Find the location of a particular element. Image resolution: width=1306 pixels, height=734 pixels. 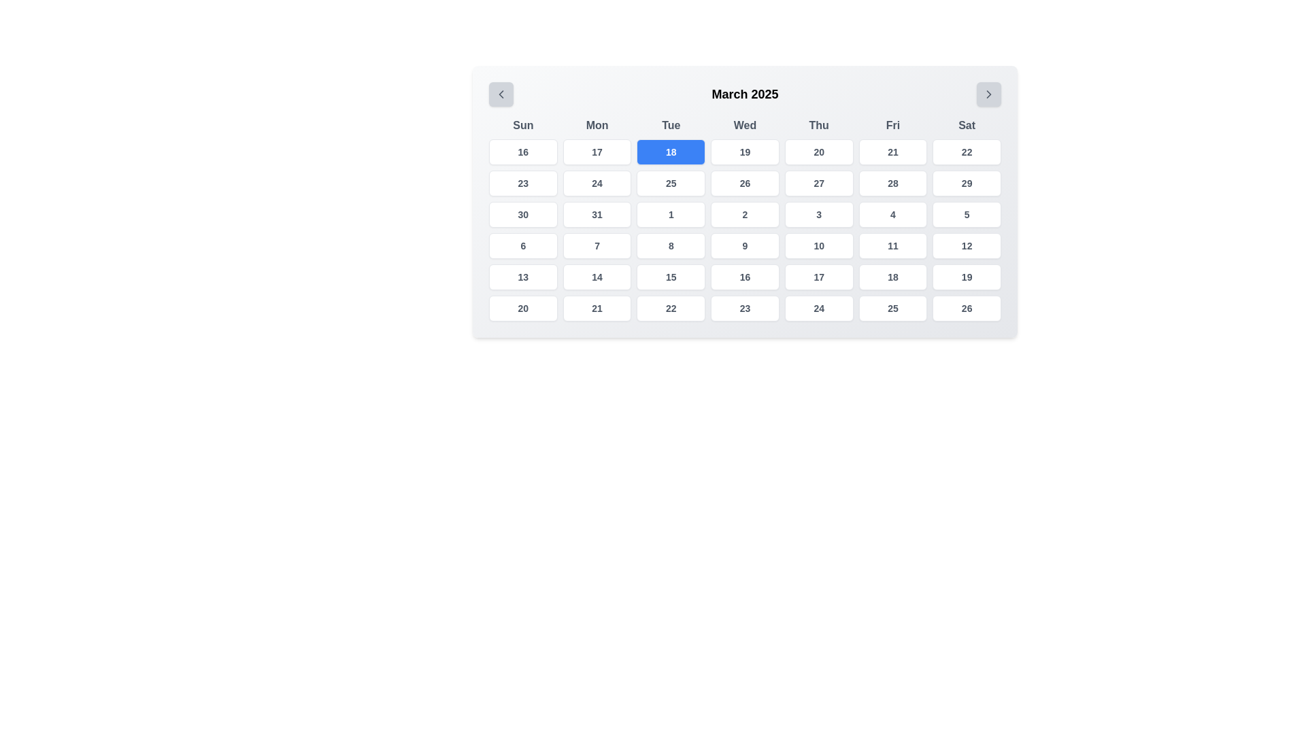

the label styled as a button containing the numeral '1' located in the sixth row and third column of the calendar layout is located at coordinates (671, 214).